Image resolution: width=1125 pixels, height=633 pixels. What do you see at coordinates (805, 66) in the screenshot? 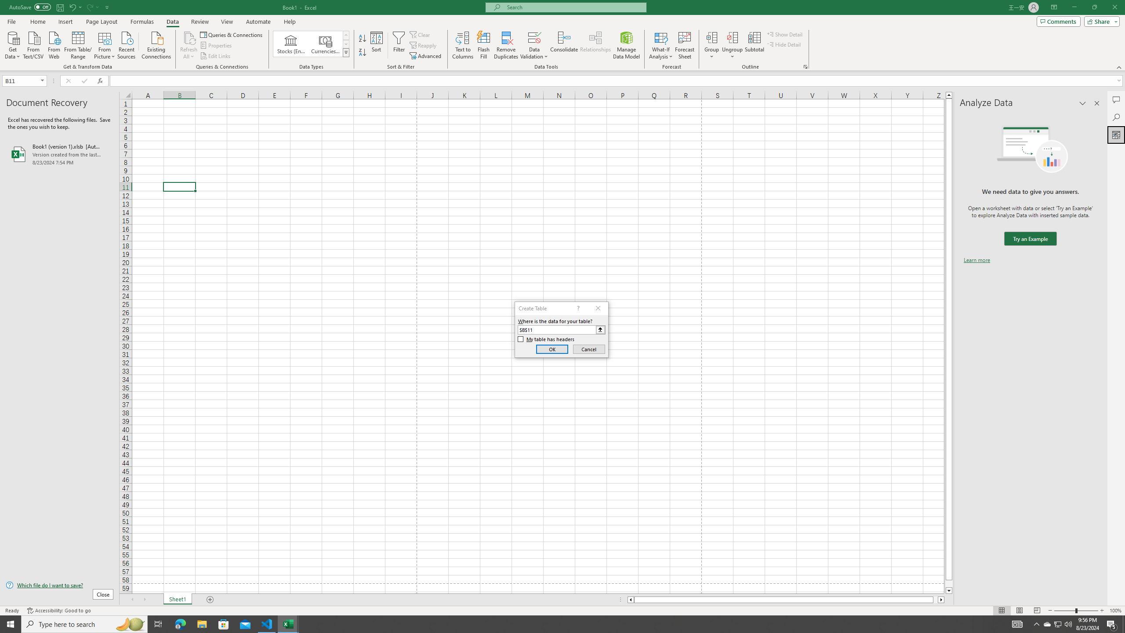
I see `'Group and Outline Settings'` at bounding box center [805, 66].